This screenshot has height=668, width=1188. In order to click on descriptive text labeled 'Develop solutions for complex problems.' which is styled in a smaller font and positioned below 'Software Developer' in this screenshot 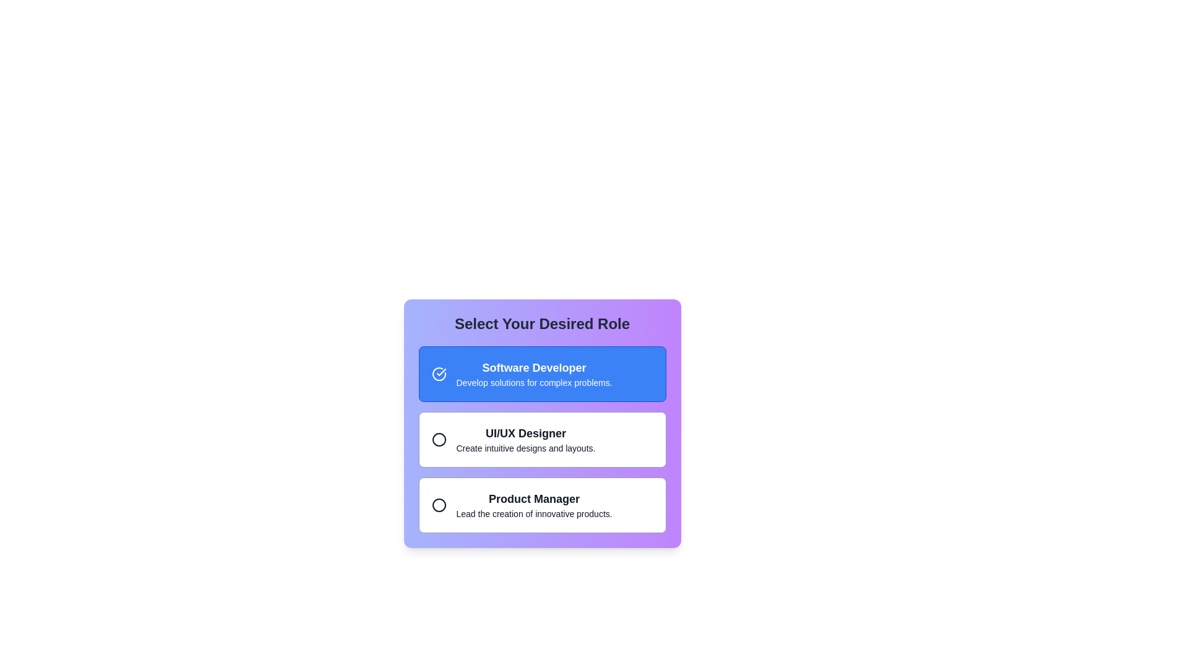, I will do `click(534, 382)`.